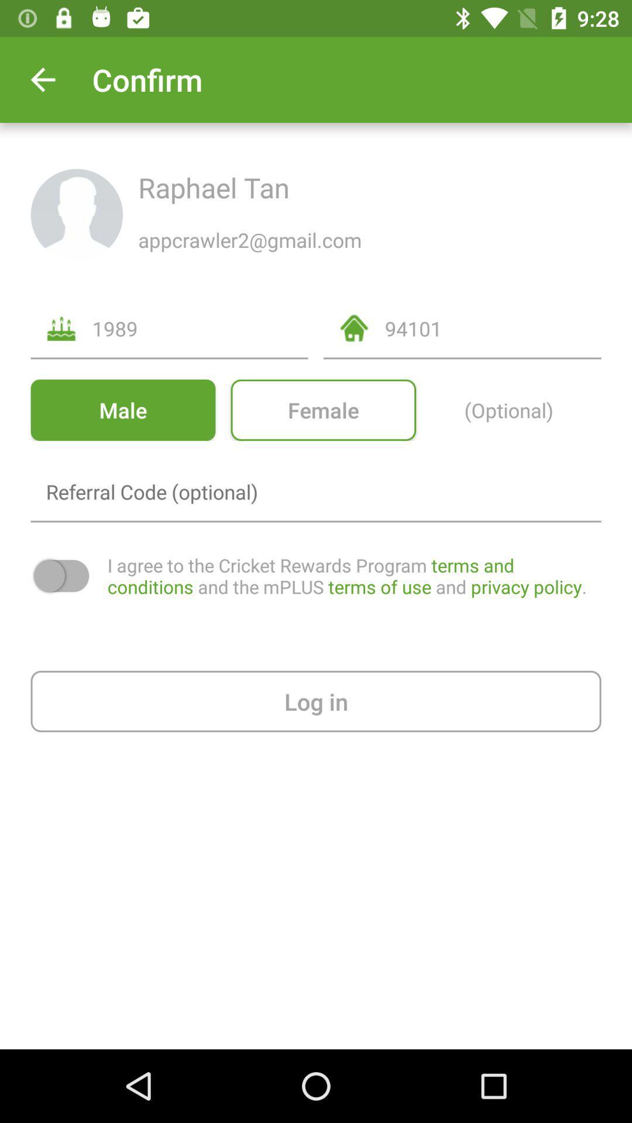 This screenshot has width=632, height=1123. What do you see at coordinates (316, 701) in the screenshot?
I see `the log in` at bounding box center [316, 701].